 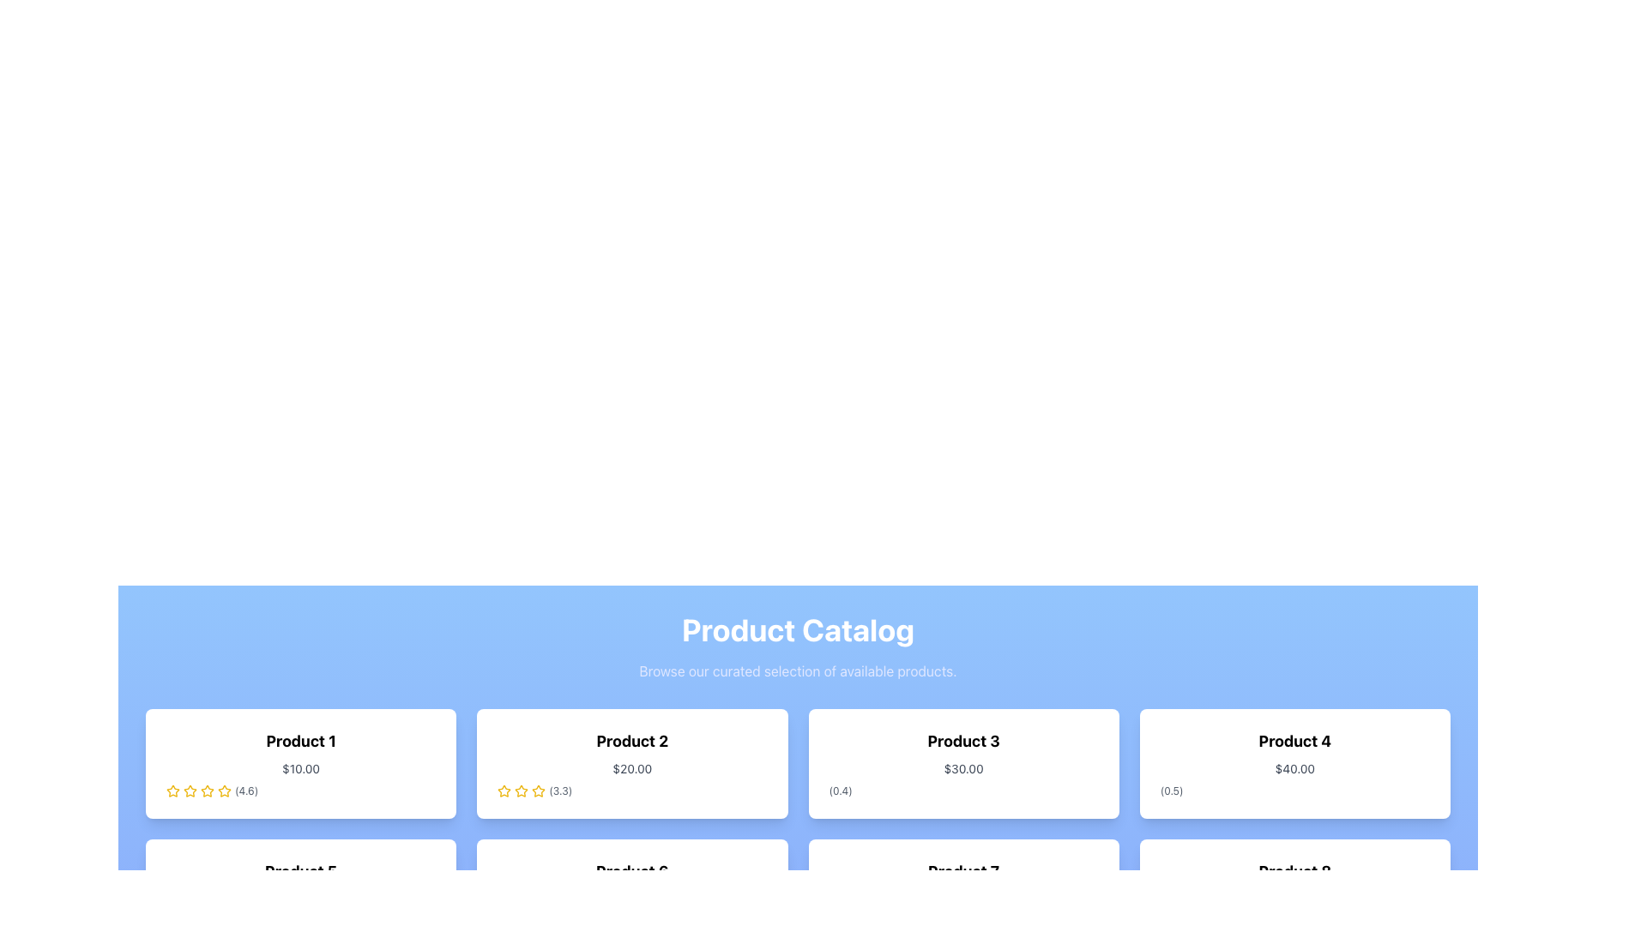 What do you see at coordinates (172, 791) in the screenshot?
I see `the first star icon representing the product rating for 'Product 1' located in the top-left product card` at bounding box center [172, 791].